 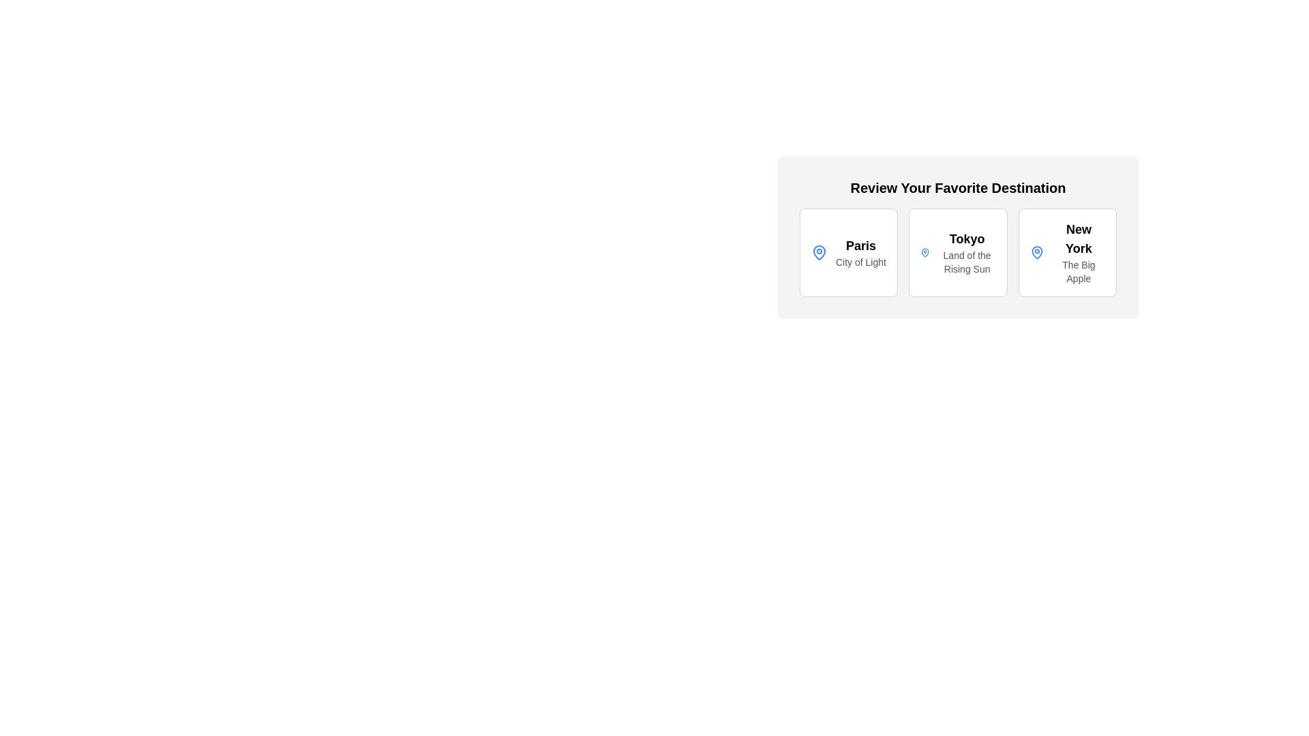 I want to click on bold text label 'Tokyo' located in the top part of the second card in a horizontal row of three cards, which is visually distinct due to its larger size compared to the subtitle 'Land of the Rising Sun', so click(x=966, y=239).